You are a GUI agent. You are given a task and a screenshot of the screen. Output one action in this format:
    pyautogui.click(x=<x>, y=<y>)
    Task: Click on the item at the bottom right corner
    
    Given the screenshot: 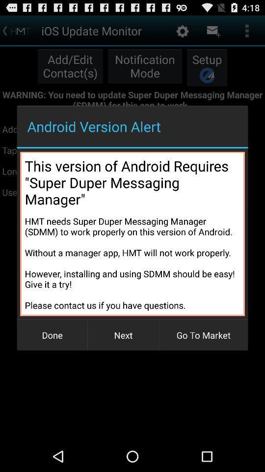 What is the action you would take?
    pyautogui.click(x=203, y=335)
    